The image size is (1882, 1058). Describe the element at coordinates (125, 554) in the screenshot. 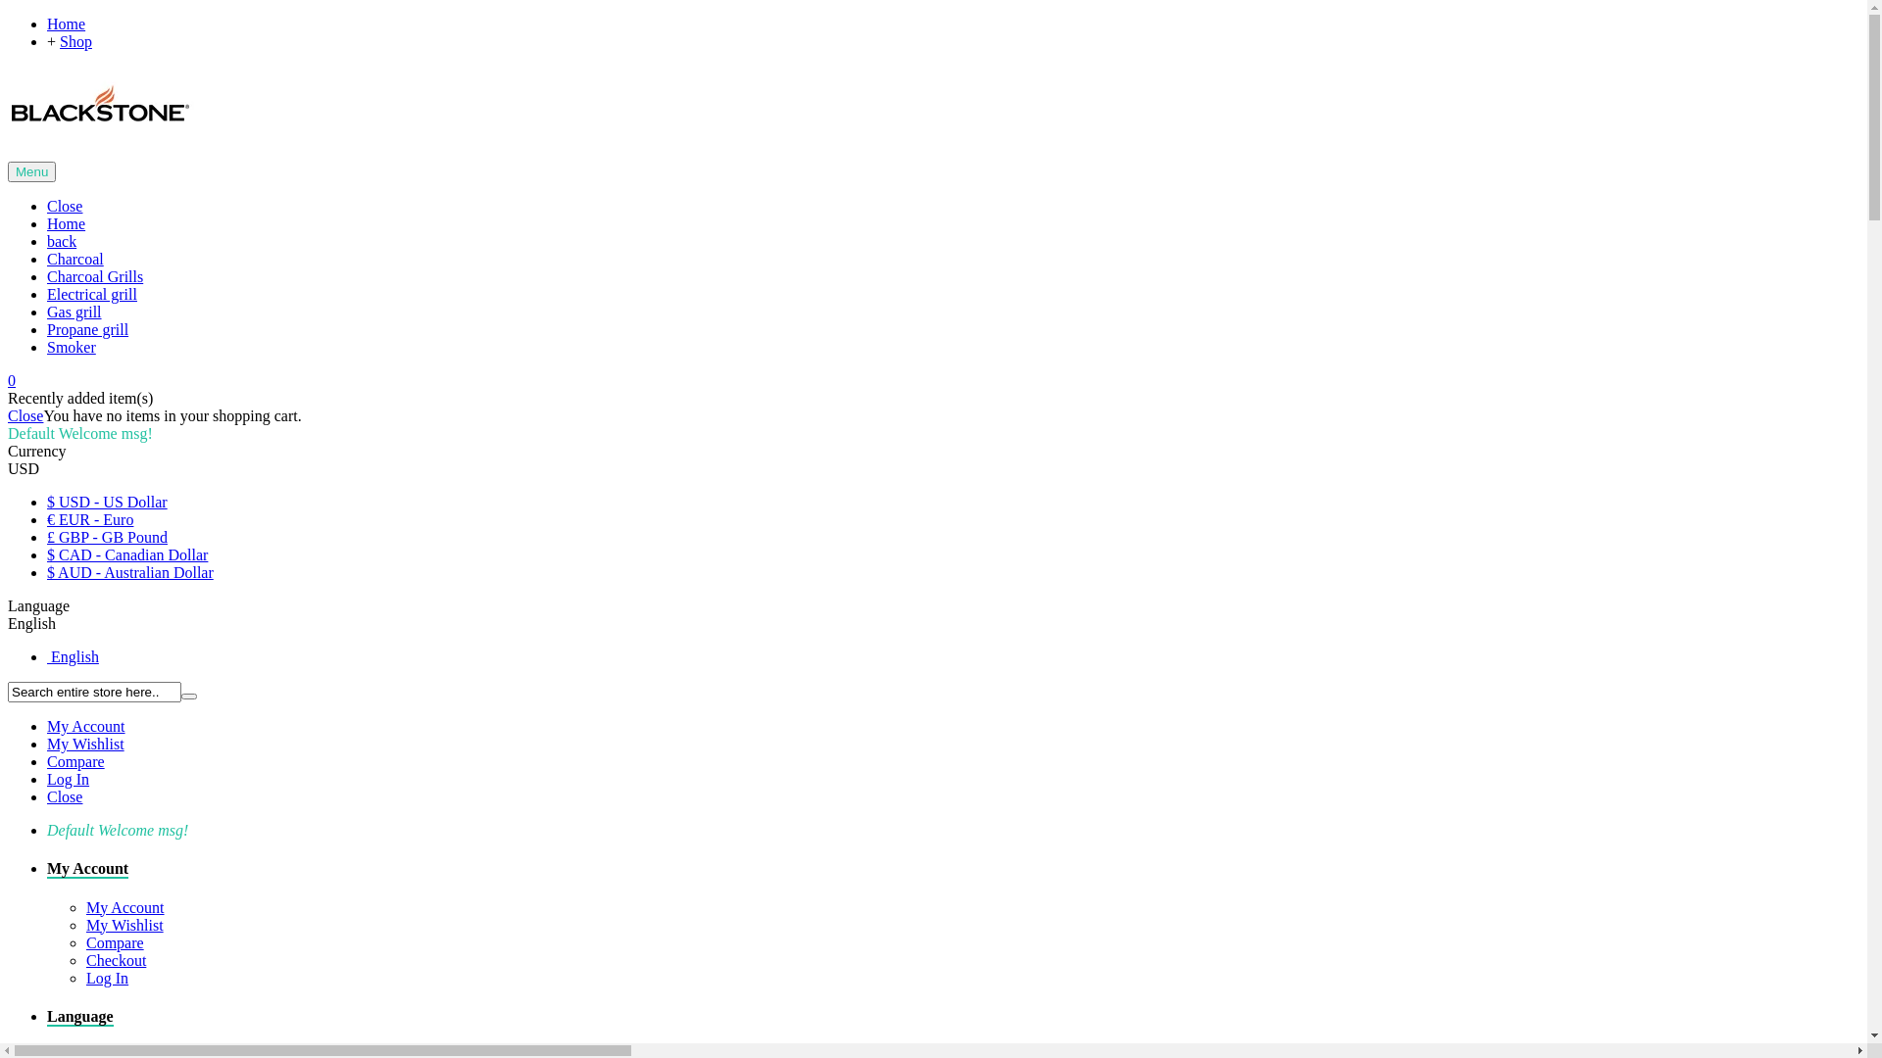

I see `'$ CAD - Canadian Dollar'` at that location.